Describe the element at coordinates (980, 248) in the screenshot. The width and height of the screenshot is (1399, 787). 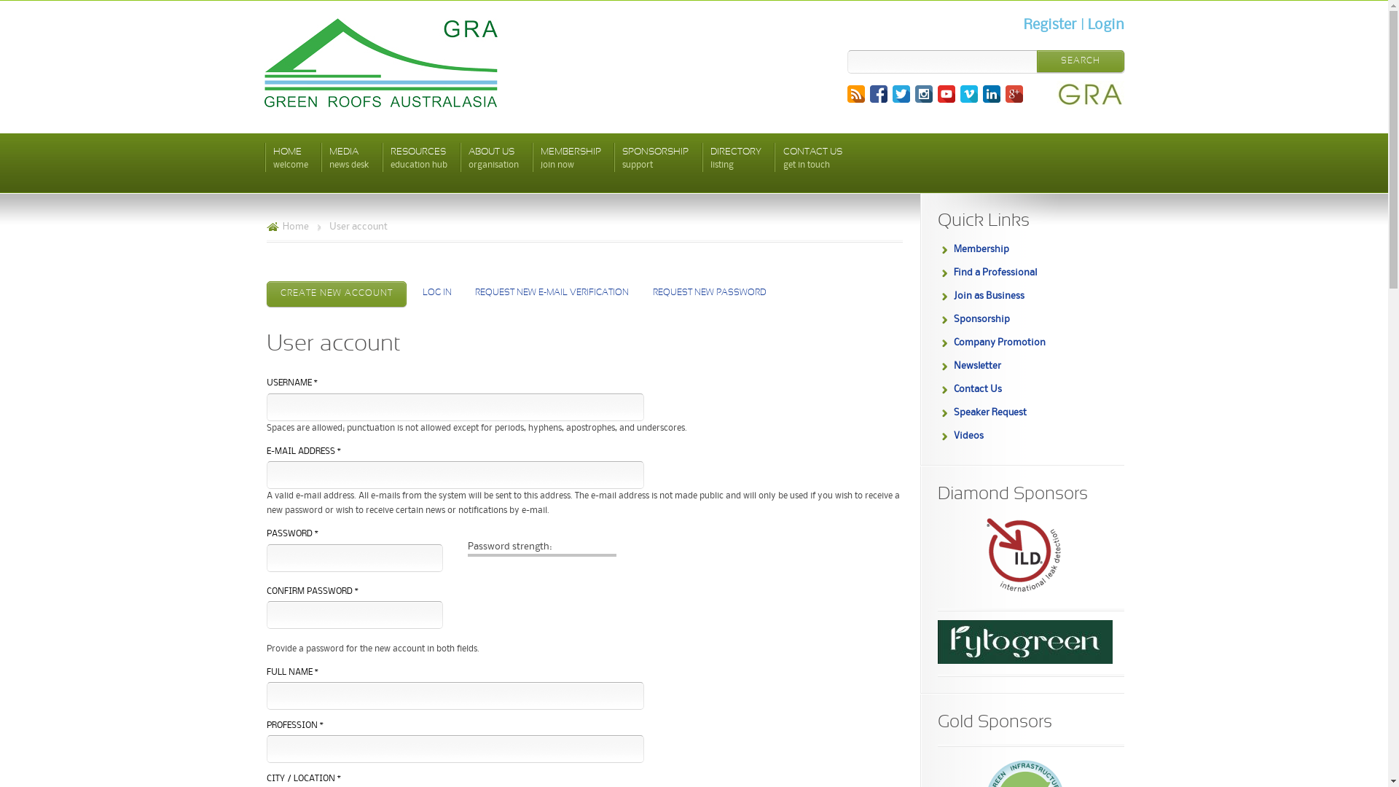
I see `'Membership'` at that location.